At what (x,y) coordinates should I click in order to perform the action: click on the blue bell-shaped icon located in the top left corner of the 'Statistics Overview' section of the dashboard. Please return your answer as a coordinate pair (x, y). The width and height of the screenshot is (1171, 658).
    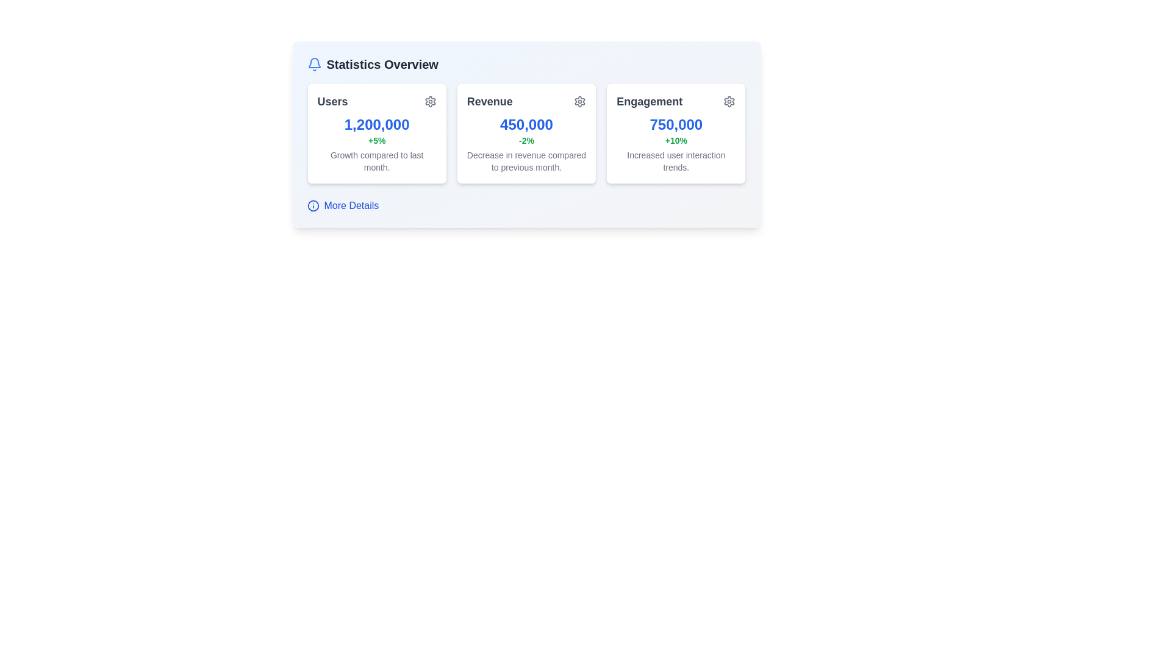
    Looking at the image, I should click on (314, 63).